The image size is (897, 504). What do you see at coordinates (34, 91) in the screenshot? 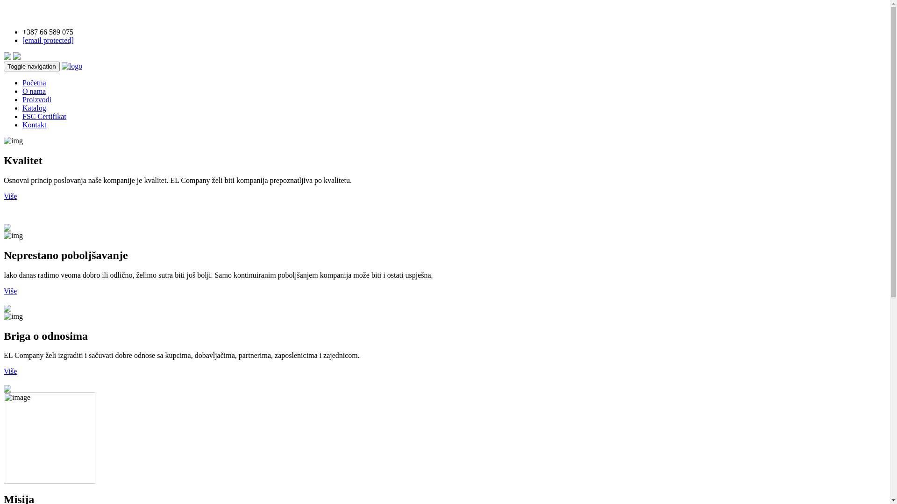
I see `'O nama'` at bounding box center [34, 91].